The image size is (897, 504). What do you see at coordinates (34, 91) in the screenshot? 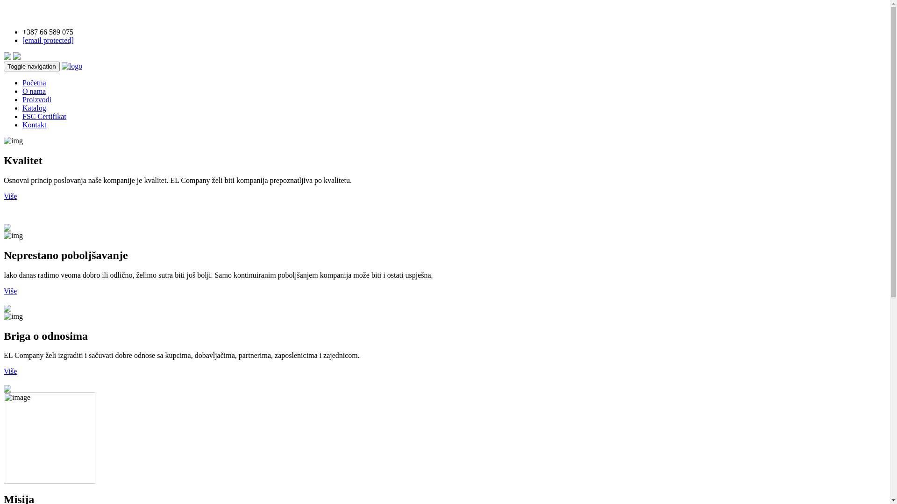
I see `'O nama'` at bounding box center [34, 91].